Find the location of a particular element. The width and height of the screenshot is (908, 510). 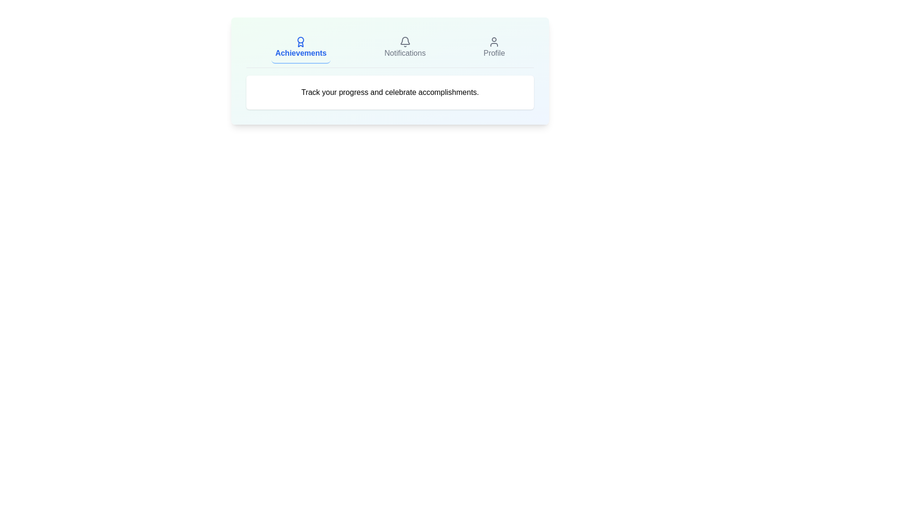

the Notifications tab to view its content is located at coordinates (405, 48).